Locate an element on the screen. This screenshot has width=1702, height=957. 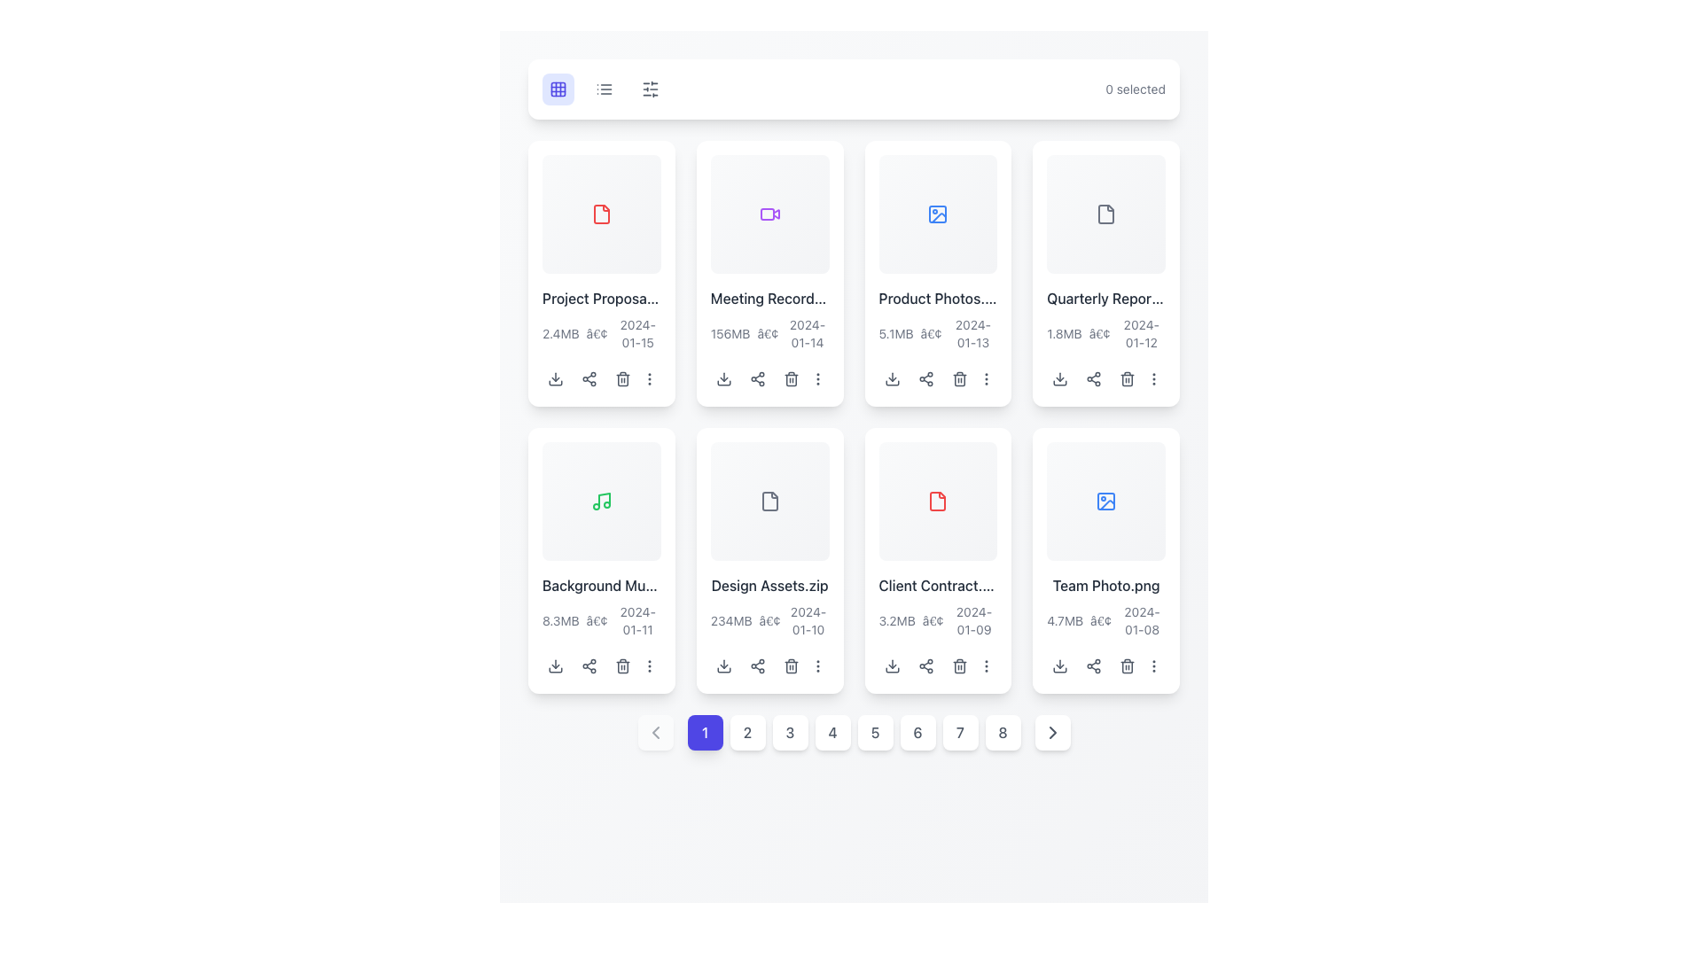
the bullet point symbol, which is centrally positioned between '3.2MB' and '2024-01-09' in the display of file size, symbol, and date is located at coordinates (932, 619).